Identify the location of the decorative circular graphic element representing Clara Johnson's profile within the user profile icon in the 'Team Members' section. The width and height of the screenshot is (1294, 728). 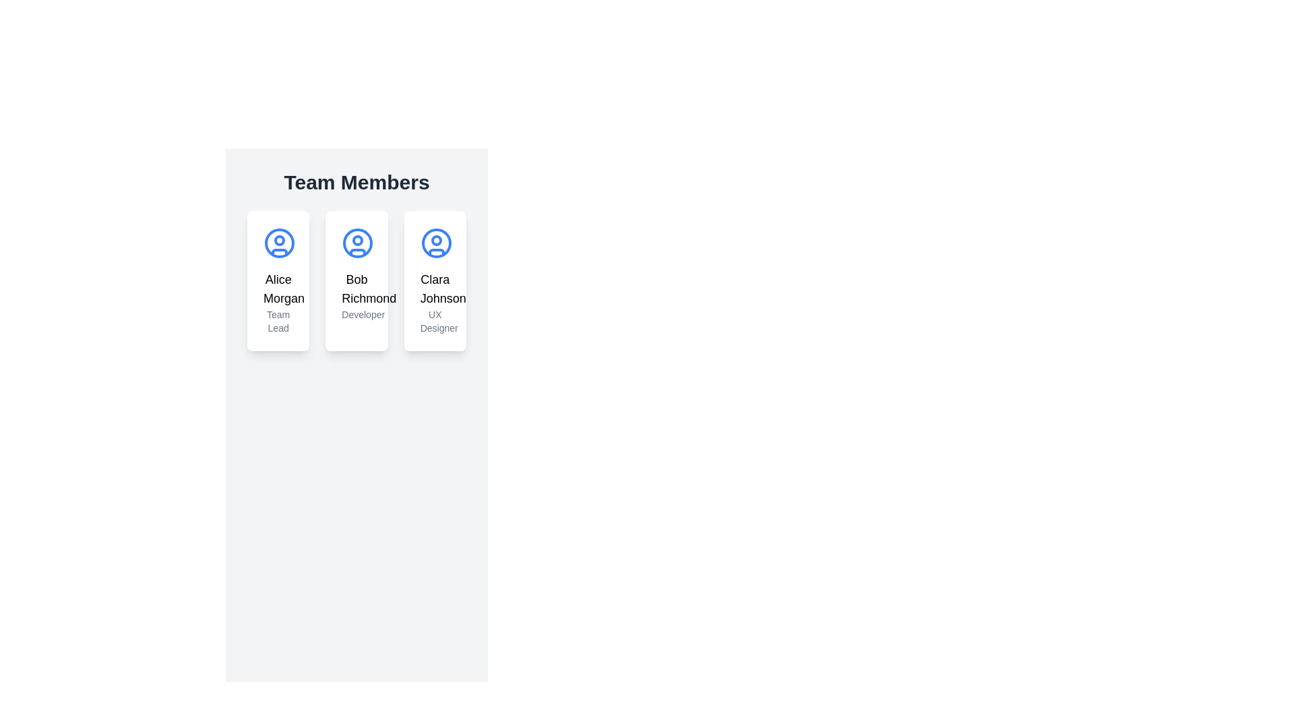
(436, 243).